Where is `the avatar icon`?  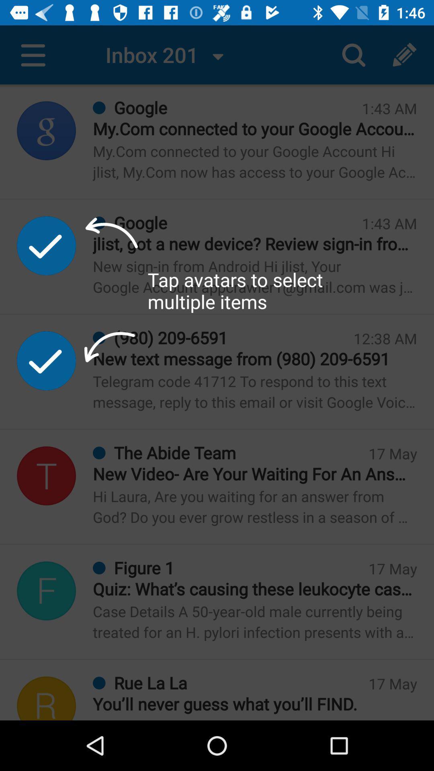 the avatar icon is located at coordinates (46, 591).